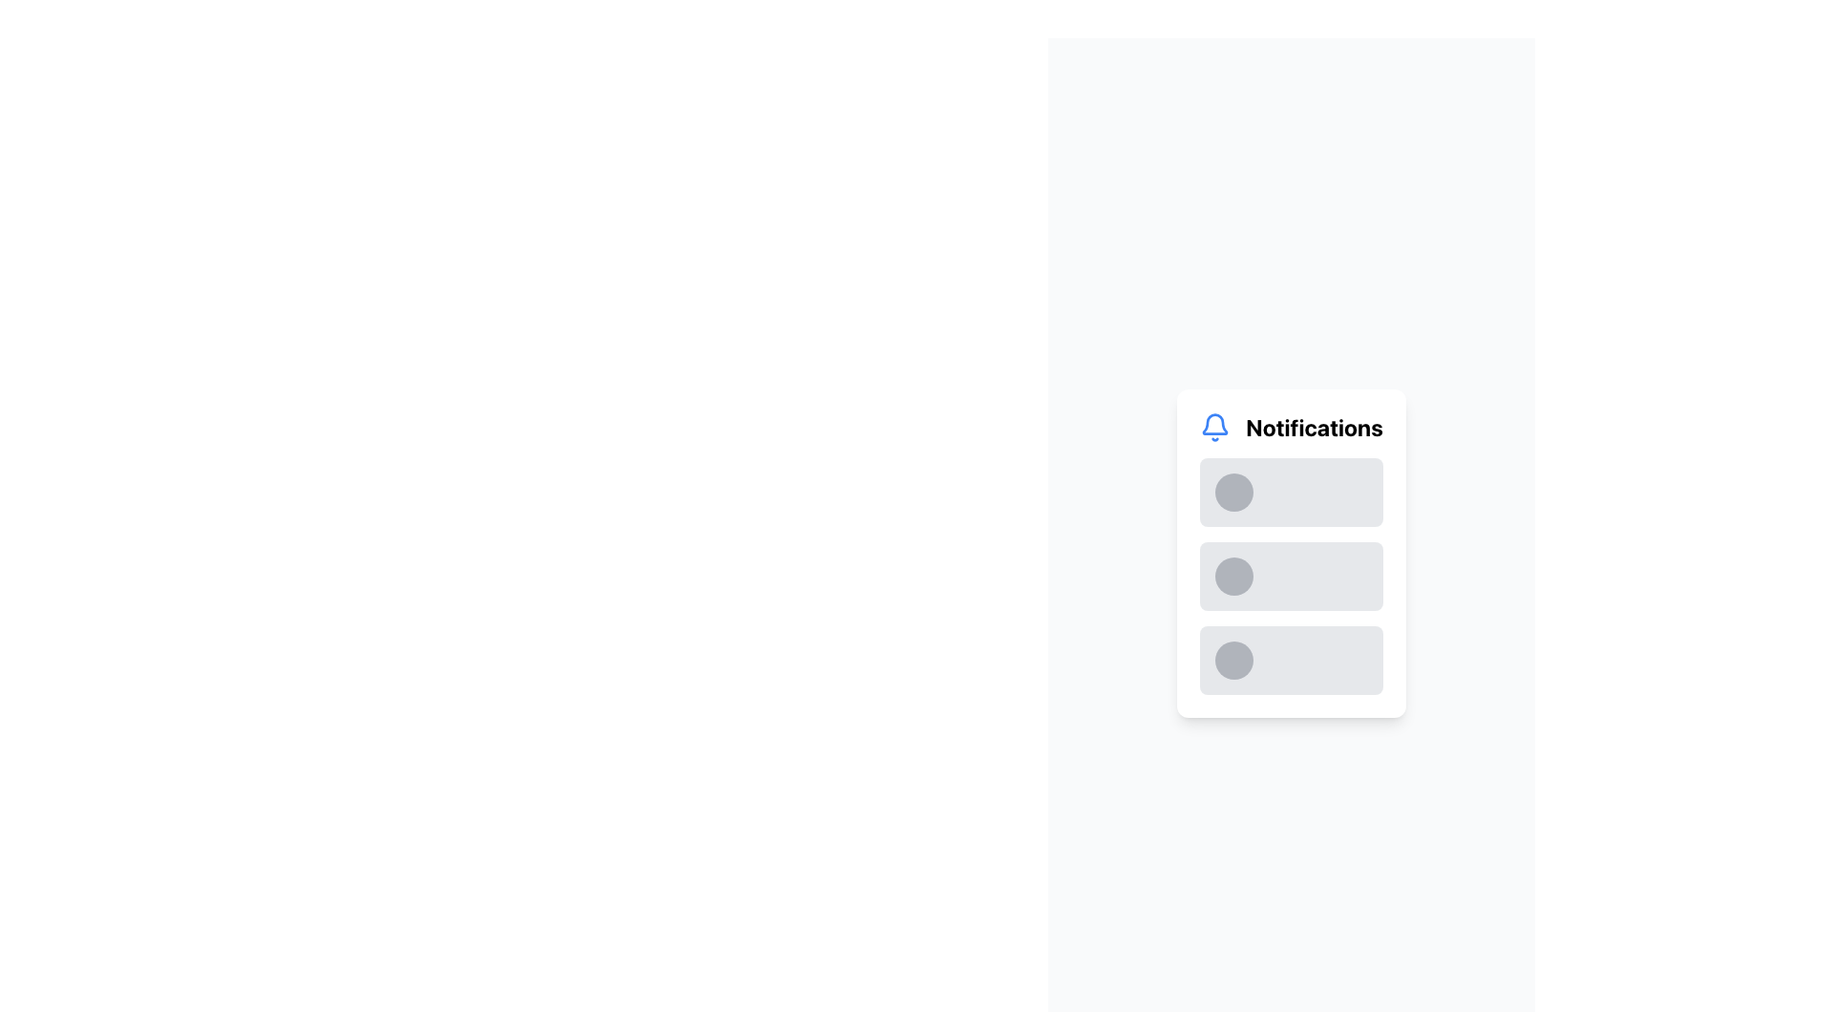  I want to click on the bell icon with a blue outline and hollow center, located at the top-left corner of the notification card, adjacent to the 'Notifications' text, so click(1214, 426).